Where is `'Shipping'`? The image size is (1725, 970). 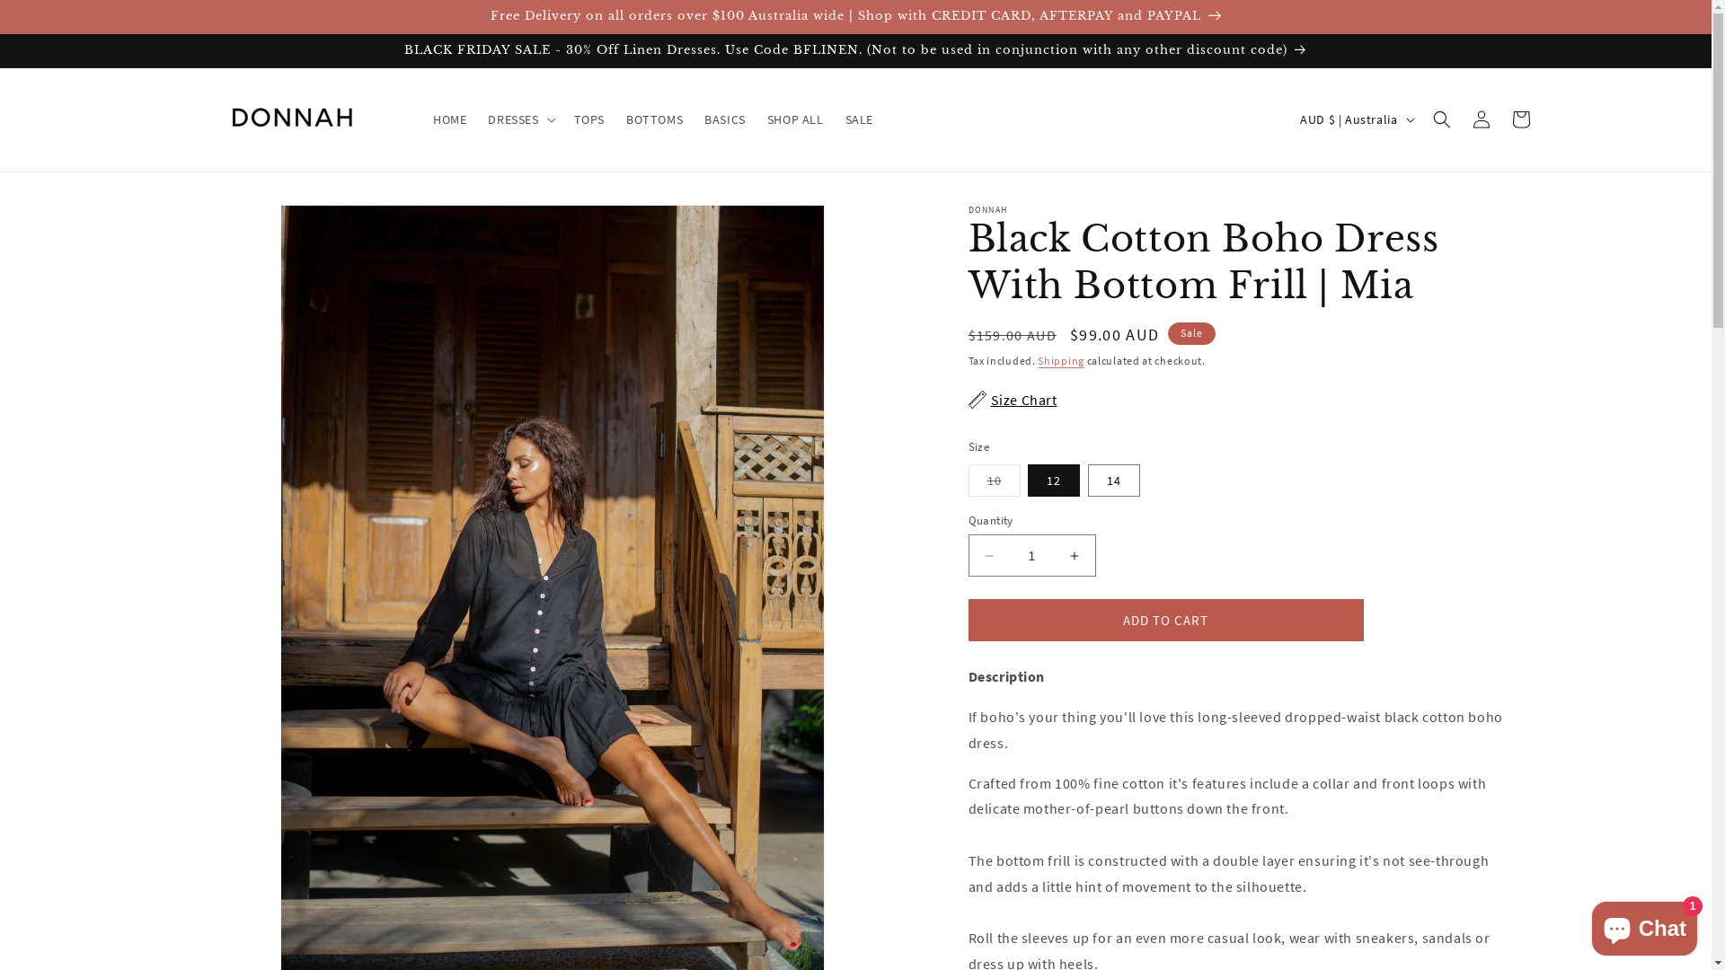 'Shipping' is located at coordinates (1060, 360).